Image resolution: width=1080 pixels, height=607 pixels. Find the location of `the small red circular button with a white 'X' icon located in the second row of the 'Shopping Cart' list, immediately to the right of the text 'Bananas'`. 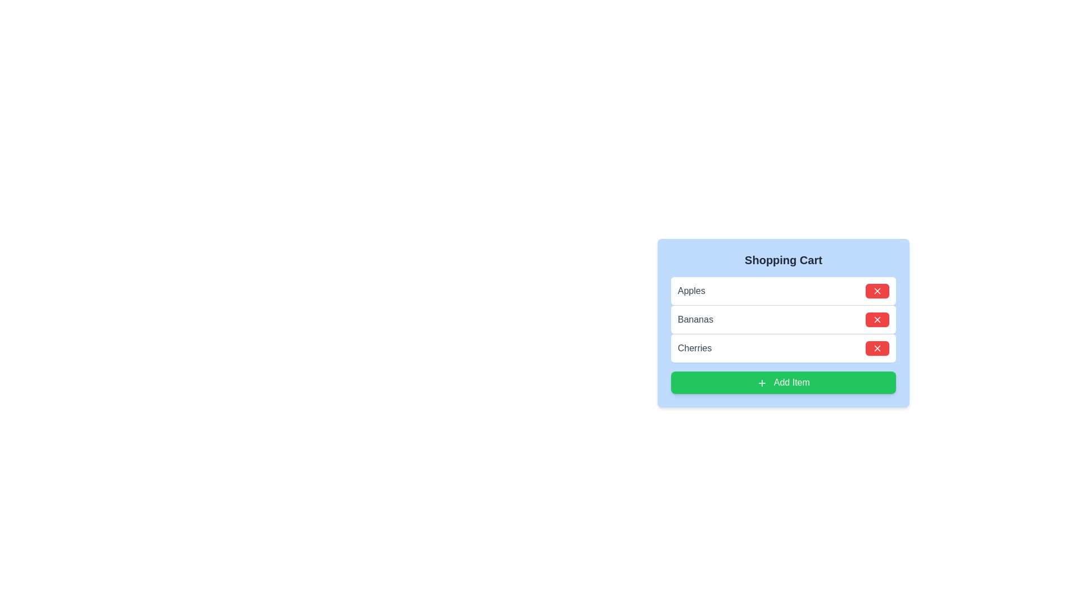

the small red circular button with a white 'X' icon located in the second row of the 'Shopping Cart' list, immediately to the right of the text 'Bananas' is located at coordinates (877, 320).